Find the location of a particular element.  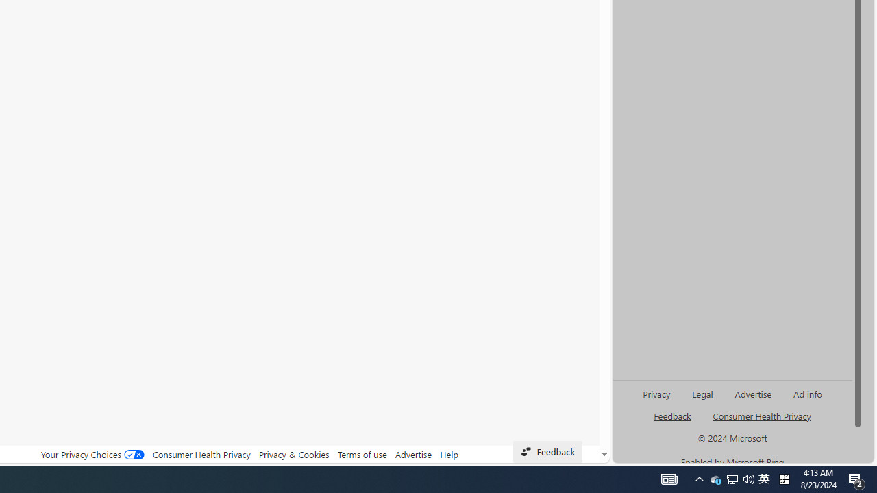

'Privacy & Cookies' is located at coordinates (293, 454).